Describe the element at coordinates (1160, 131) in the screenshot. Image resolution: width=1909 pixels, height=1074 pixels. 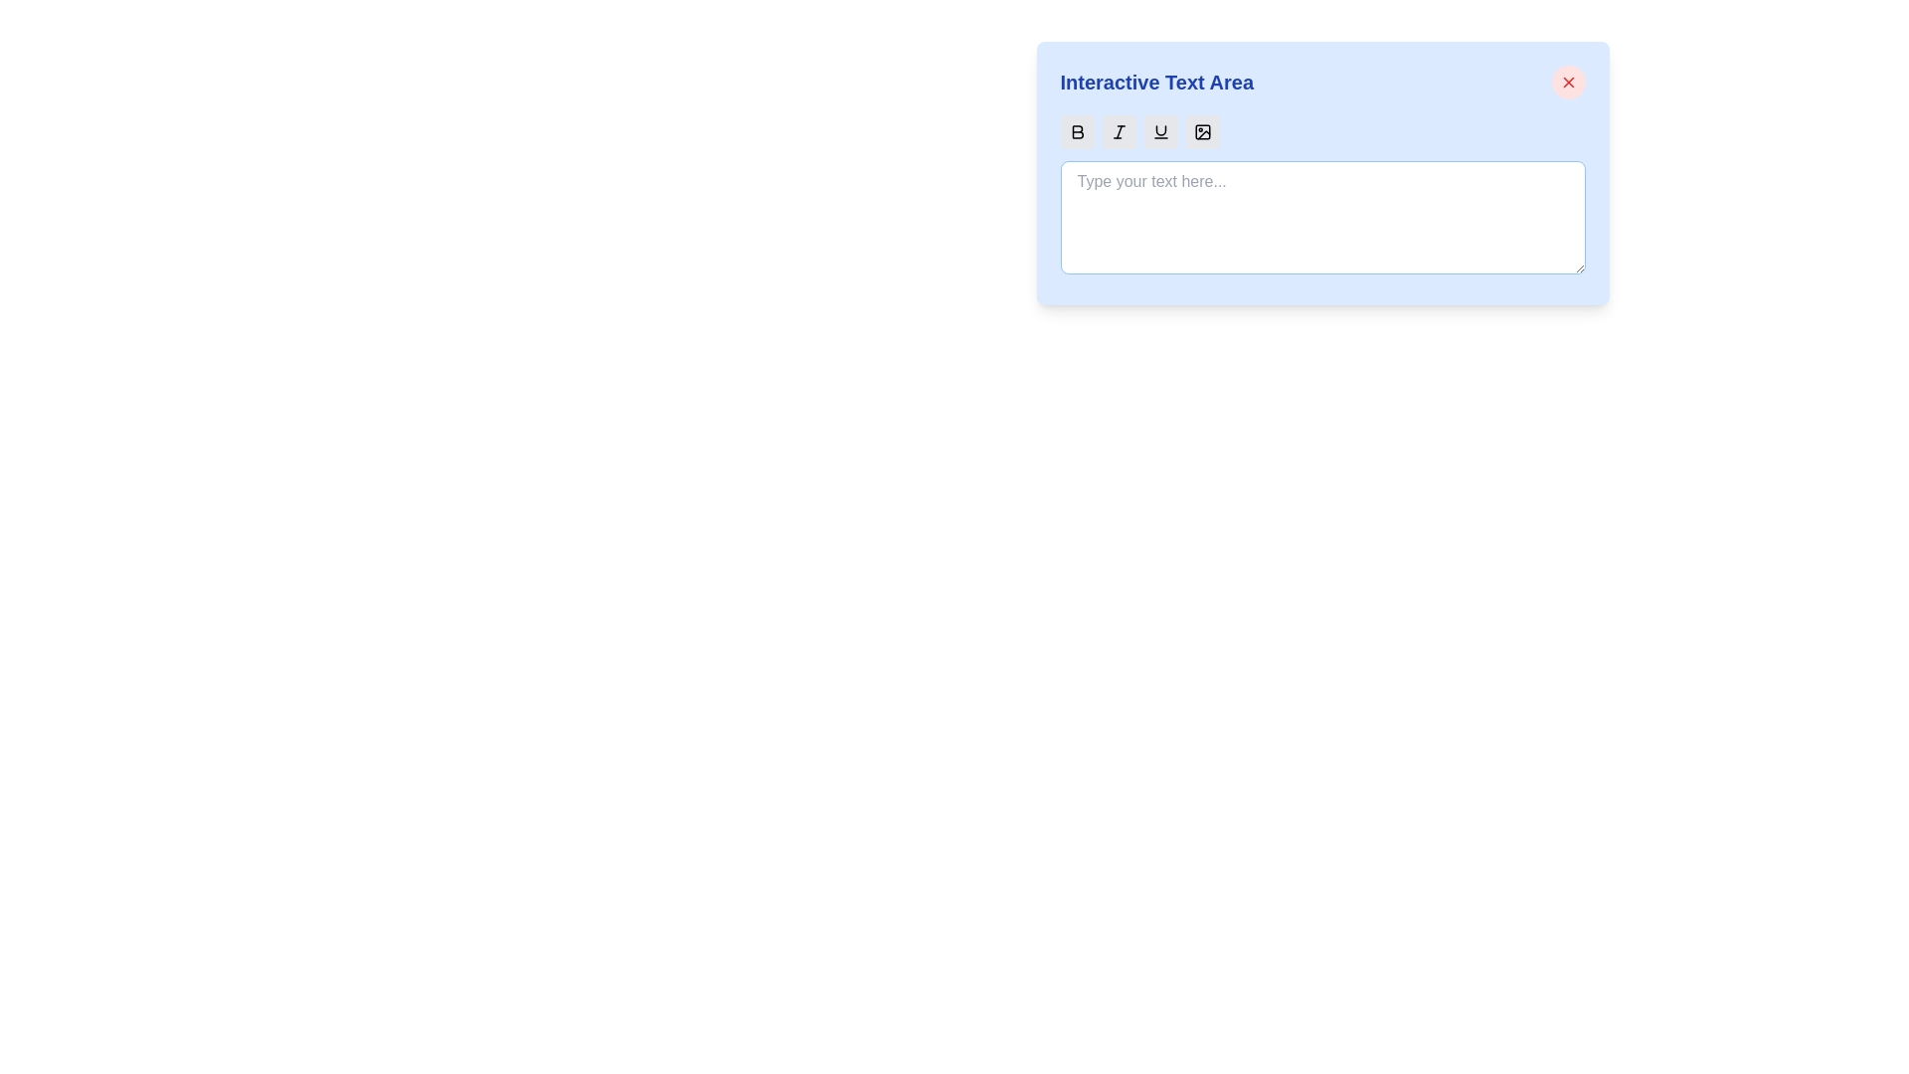
I see `the underline formatting button located in the third slot of the horizontal toolbar above the text input field to apply underline formatting to the selected text` at that location.